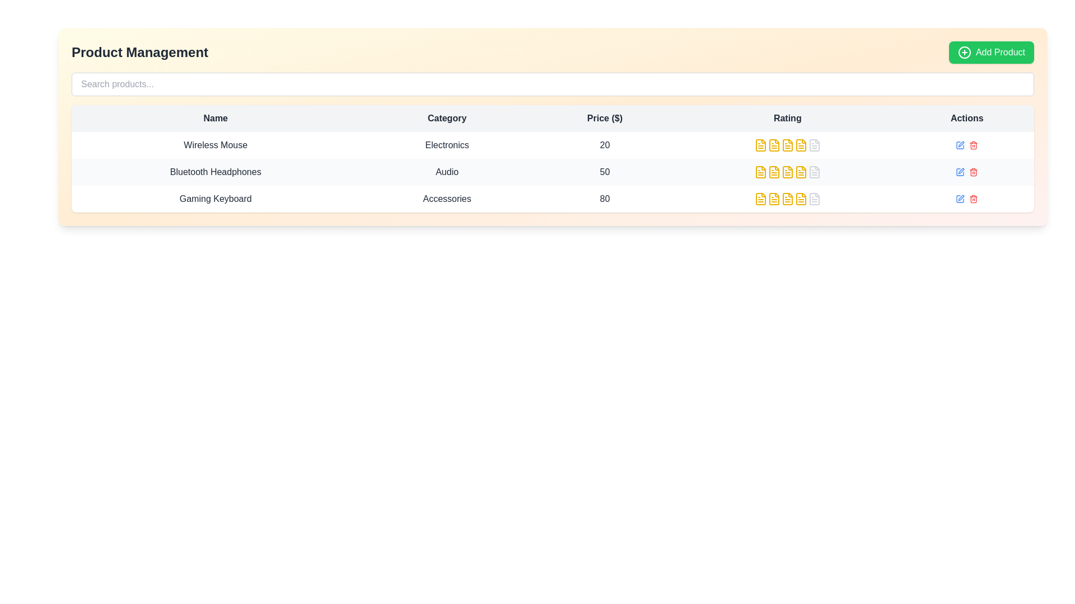 This screenshot has height=604, width=1075. What do you see at coordinates (604, 172) in the screenshot?
I see `the price label displaying the price of 'Bluetooth Headphones' in the product management table, located in the second row under the 'Price ($)' column` at bounding box center [604, 172].